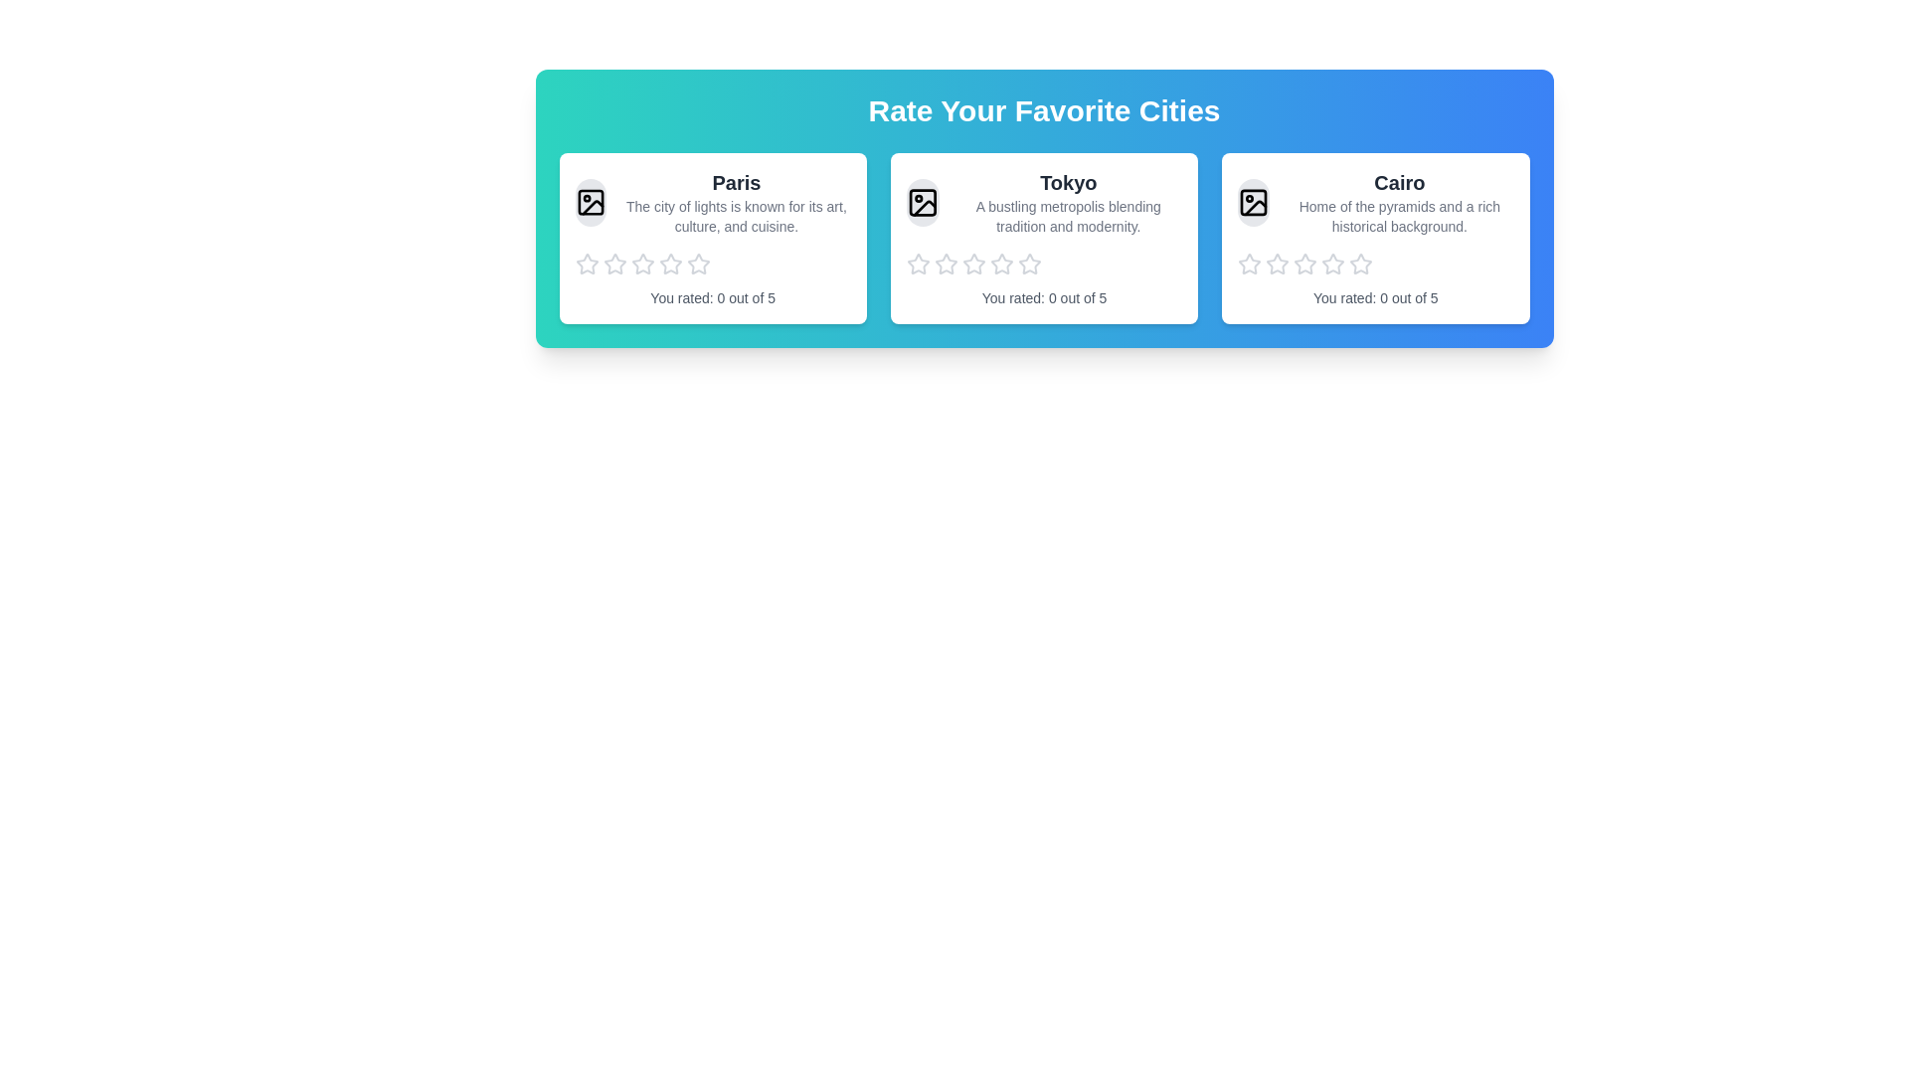 This screenshot has height=1074, width=1909. I want to click on the first star in the horizontal sequence of rating stars below the 'Tokyo' card to set the rating to 1, so click(945, 263).